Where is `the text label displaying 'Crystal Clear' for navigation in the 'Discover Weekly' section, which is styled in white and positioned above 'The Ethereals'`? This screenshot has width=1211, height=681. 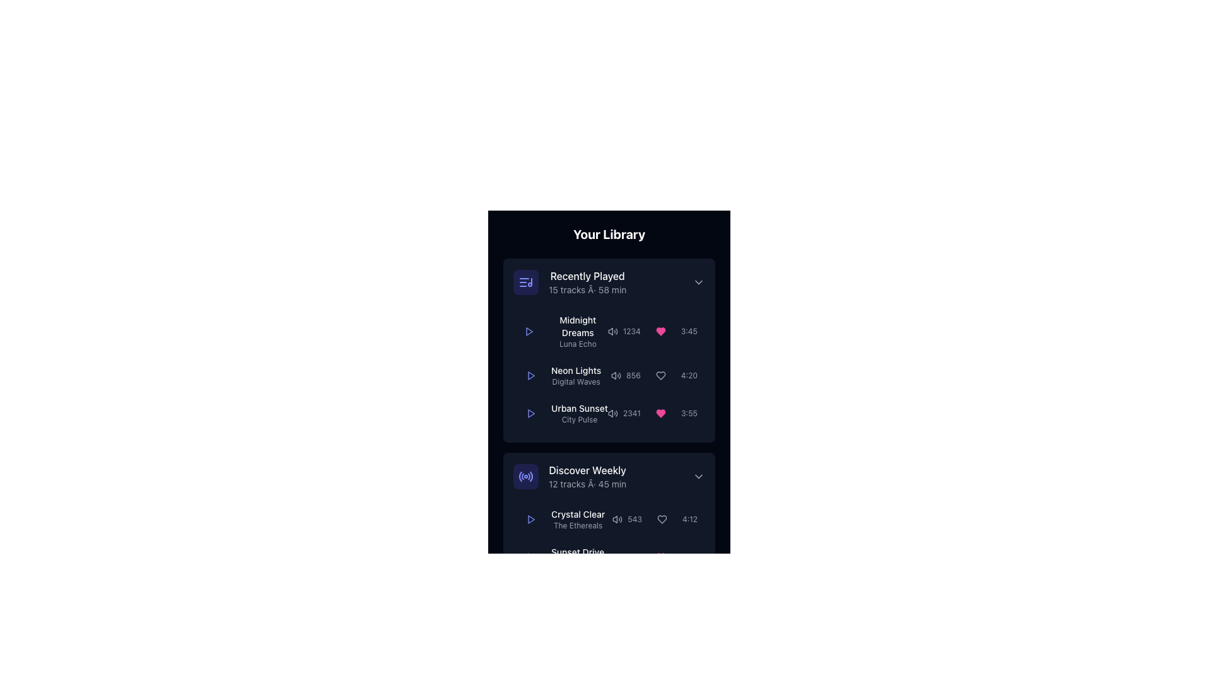 the text label displaying 'Crystal Clear' for navigation in the 'Discover Weekly' section, which is styled in white and positioned above 'The Ethereals' is located at coordinates (577, 515).